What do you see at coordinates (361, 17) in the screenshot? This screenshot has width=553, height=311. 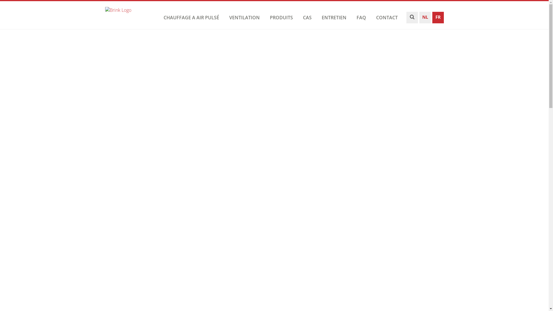 I see `'FAQ'` at bounding box center [361, 17].